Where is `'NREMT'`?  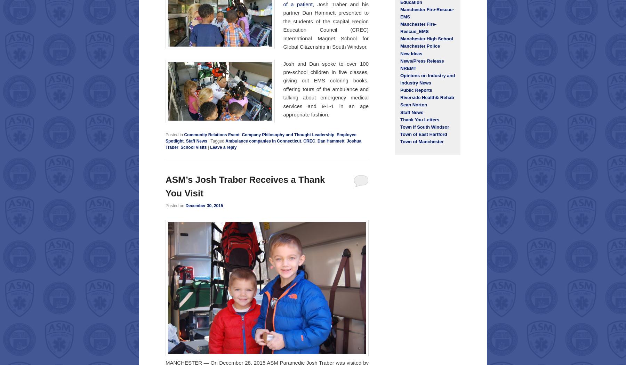
'NREMT' is located at coordinates (400, 67).